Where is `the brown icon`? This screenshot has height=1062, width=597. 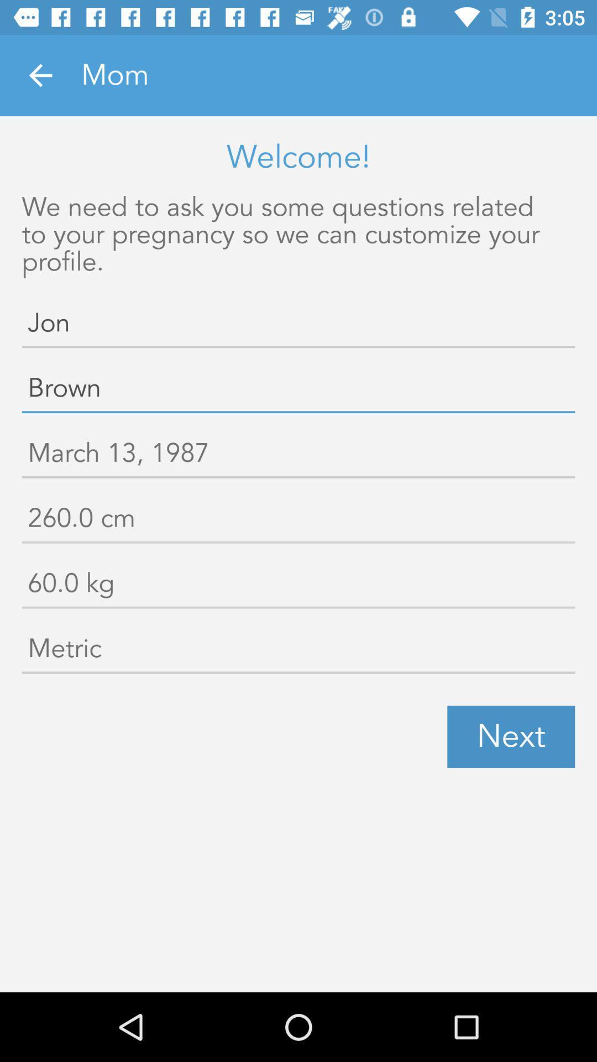 the brown icon is located at coordinates (298, 391).